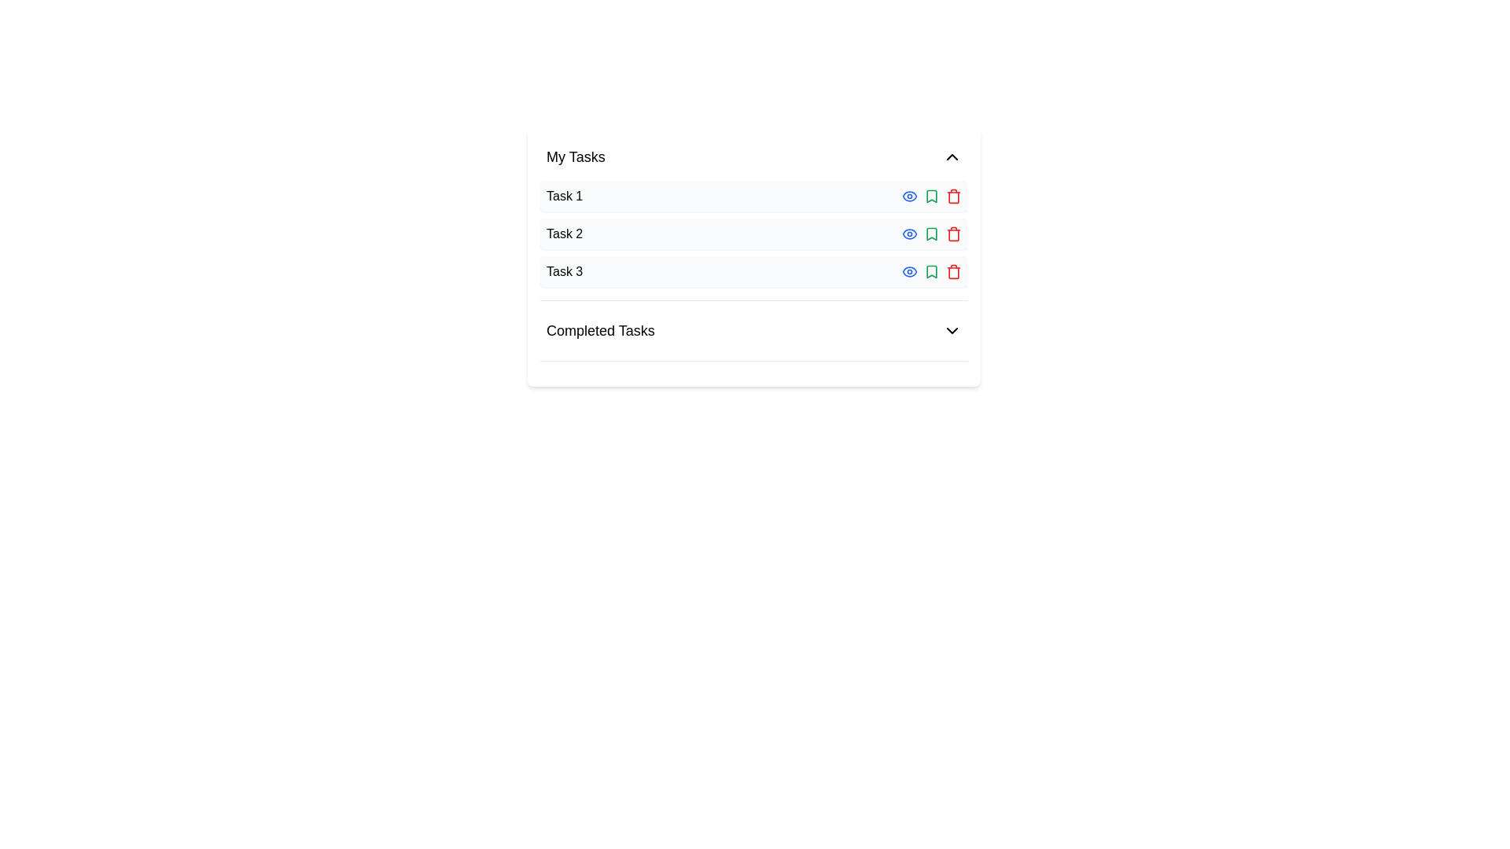 This screenshot has width=1510, height=849. I want to click on the interactive bookmark icon with a green outline, which is the second icon from the right in its group, so click(932, 233).